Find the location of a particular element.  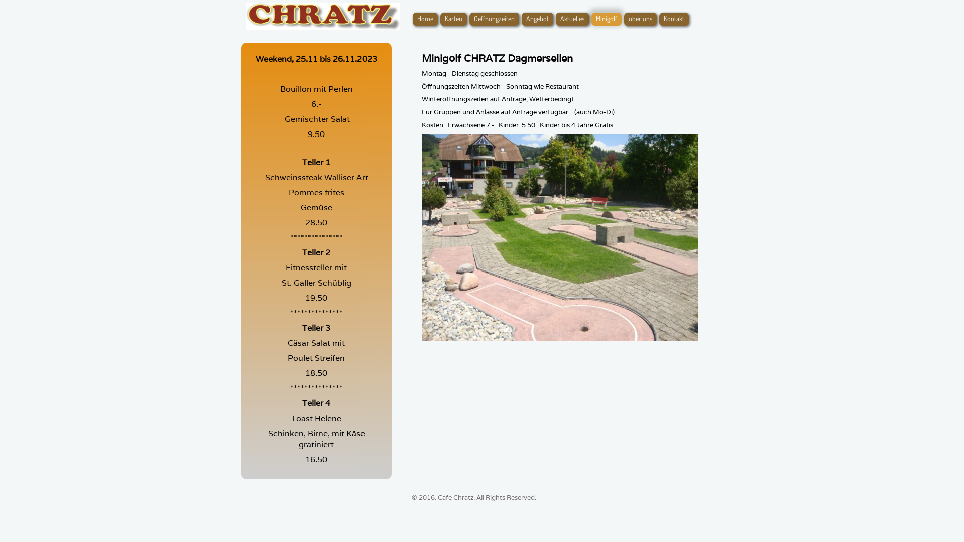

'Karten' is located at coordinates (453, 19).